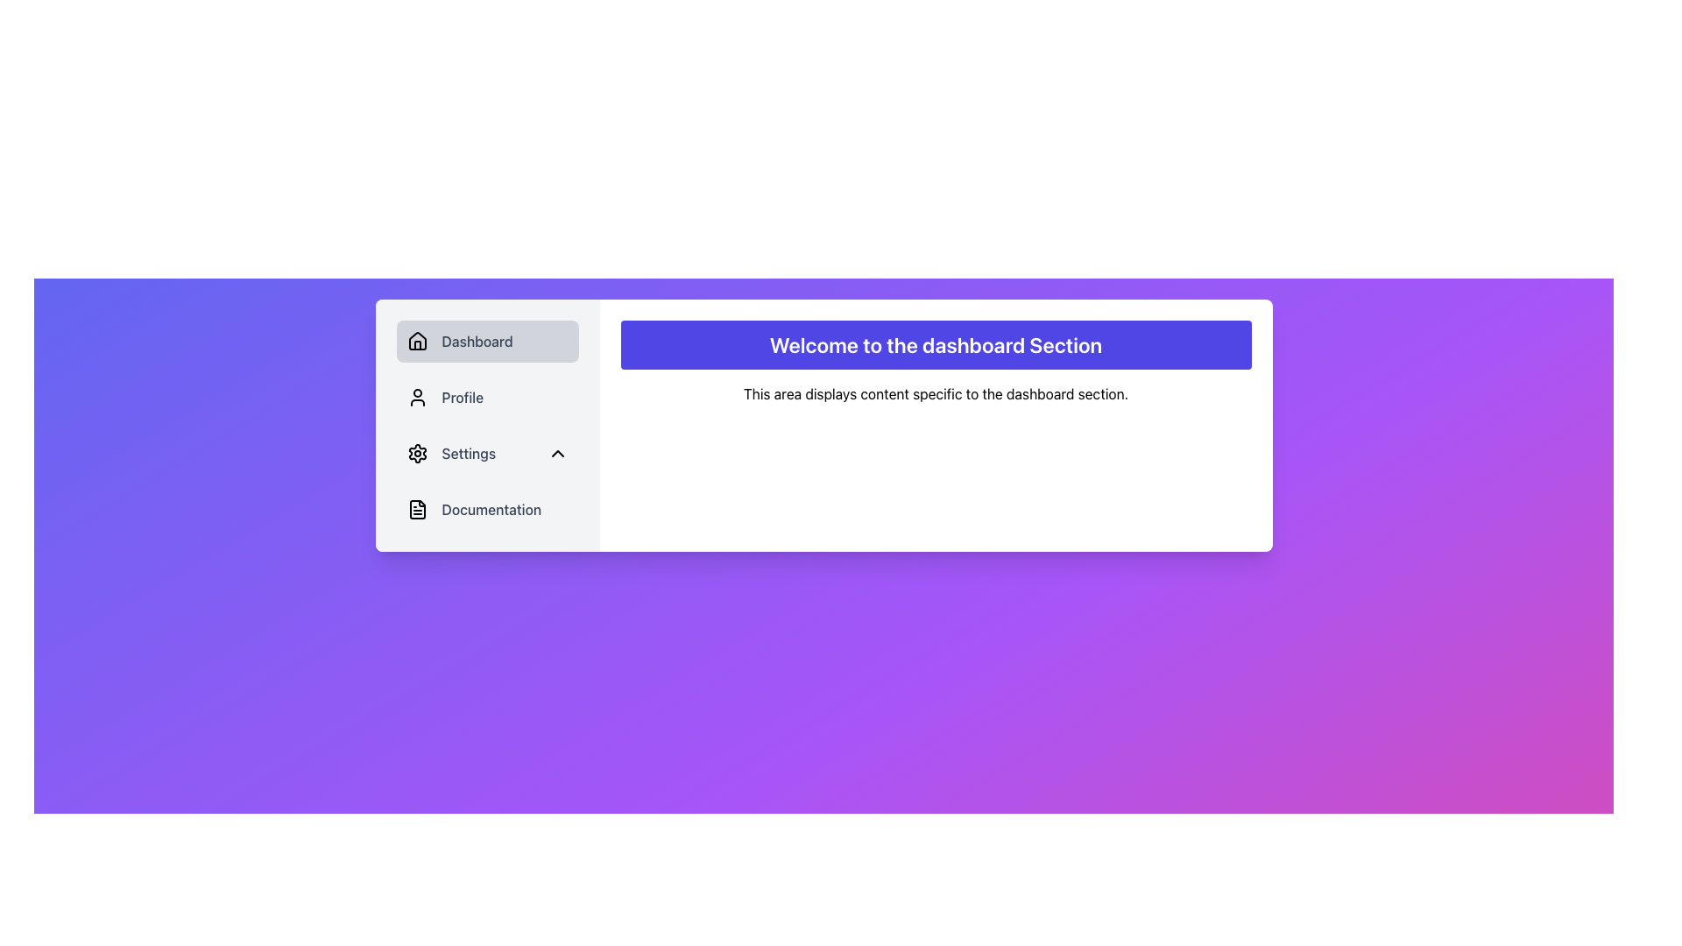 Image resolution: width=1682 pixels, height=946 pixels. I want to click on the SVG Icon representing the Profile section located in the vertical navigation menu, positioned to the left of the text 'Profile', so click(416, 398).